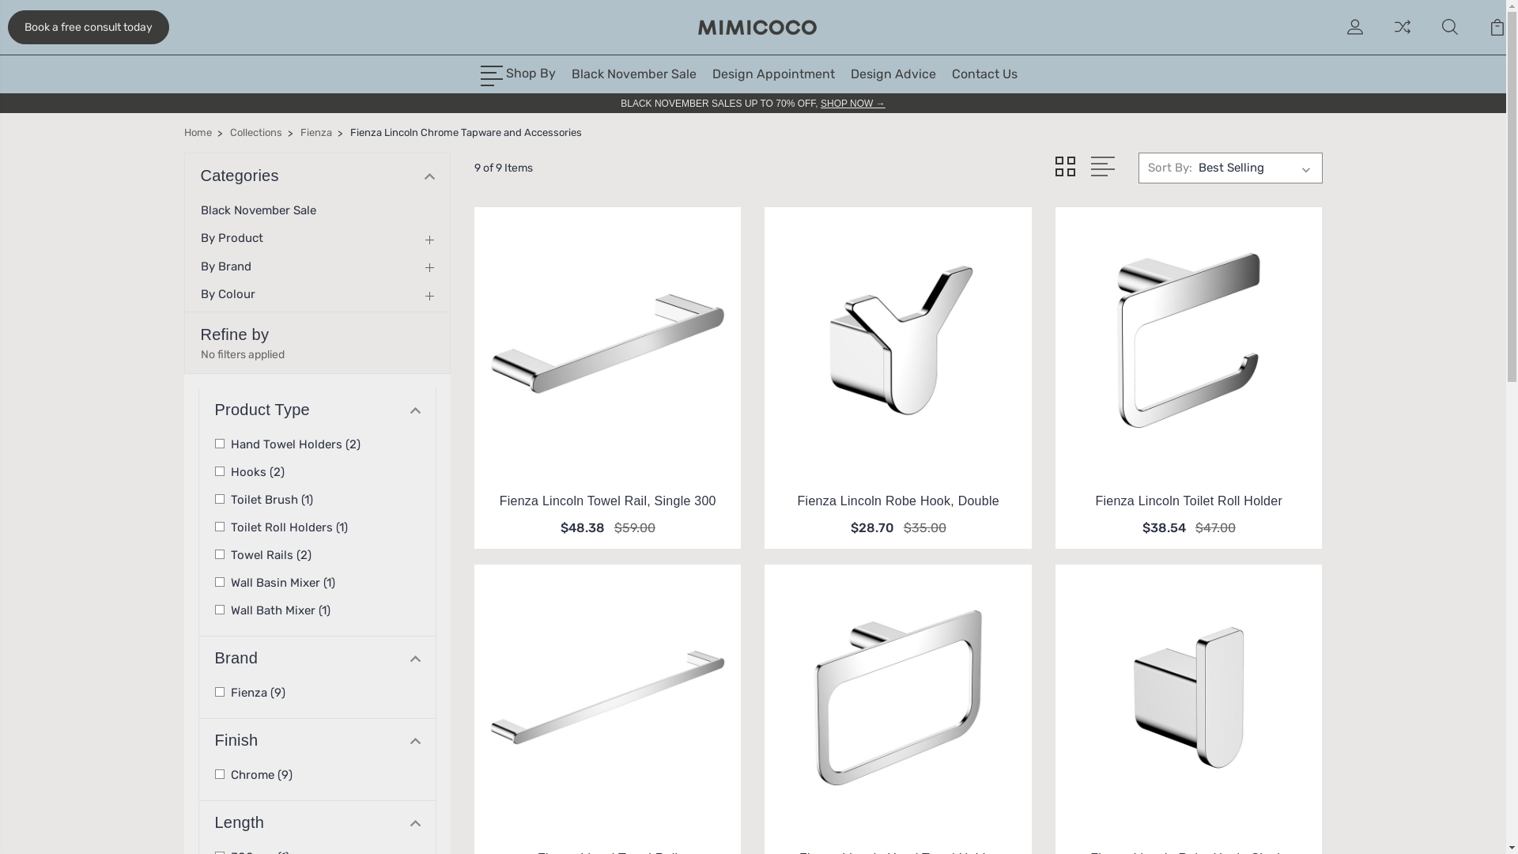 The image size is (1518, 854). I want to click on 'By Brand', so click(235, 265).